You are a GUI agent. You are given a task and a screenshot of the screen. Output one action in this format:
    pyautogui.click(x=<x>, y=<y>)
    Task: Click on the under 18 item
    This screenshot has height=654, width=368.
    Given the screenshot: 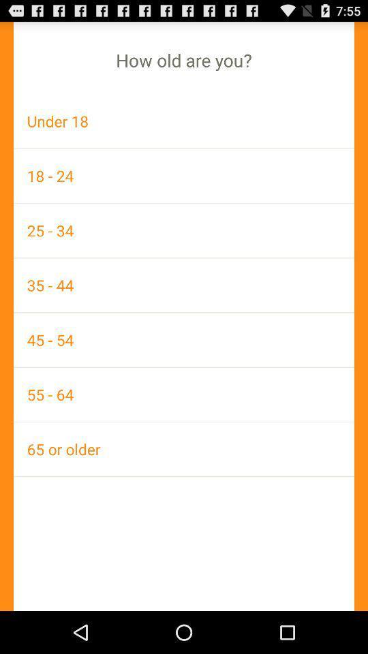 What is the action you would take?
    pyautogui.click(x=184, y=121)
    